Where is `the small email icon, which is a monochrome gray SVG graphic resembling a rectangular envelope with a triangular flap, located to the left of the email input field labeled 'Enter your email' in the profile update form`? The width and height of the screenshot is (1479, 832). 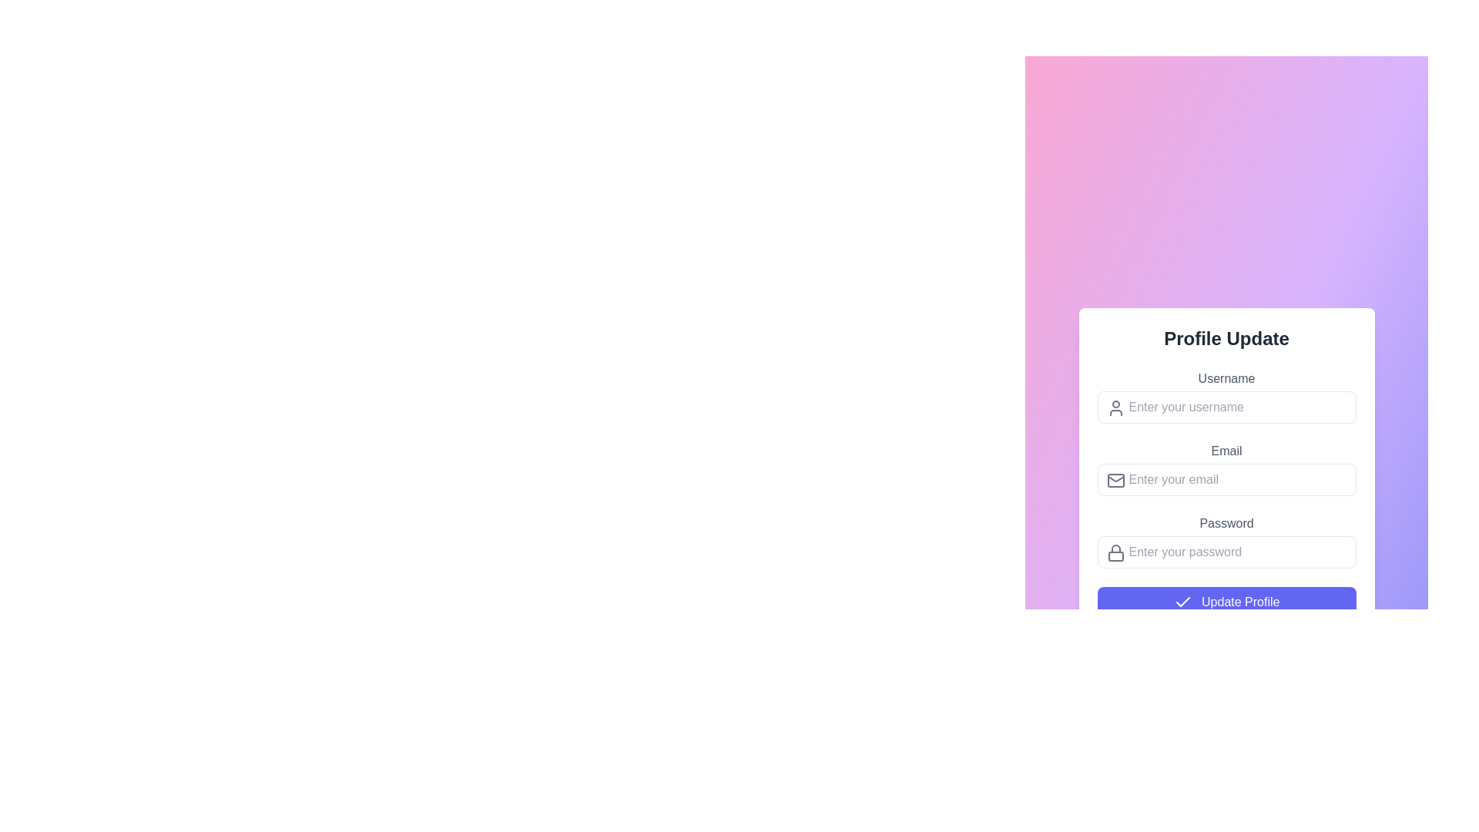
the small email icon, which is a monochrome gray SVG graphic resembling a rectangular envelope with a triangular flap, located to the left of the email input field labeled 'Enter your email' in the profile update form is located at coordinates (1115, 479).